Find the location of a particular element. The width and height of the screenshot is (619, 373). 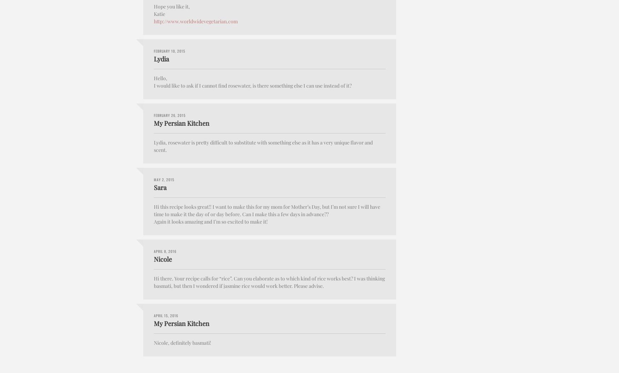

'February 10, 2015' is located at coordinates (169, 51).